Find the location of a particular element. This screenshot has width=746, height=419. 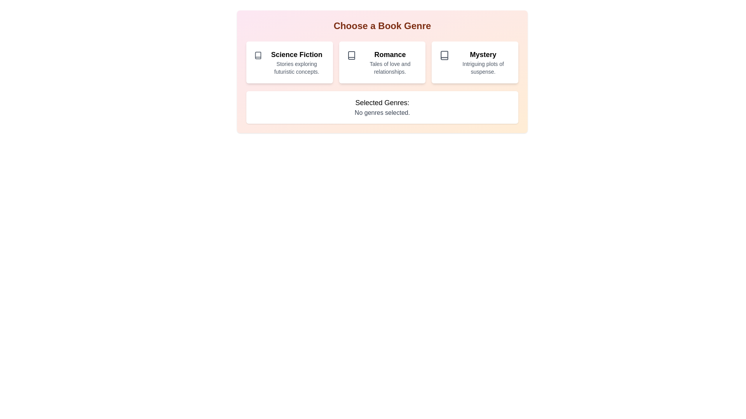

the 'Mystery' genre card located in the top-right section of the genre options for interaction is located at coordinates (474, 62).